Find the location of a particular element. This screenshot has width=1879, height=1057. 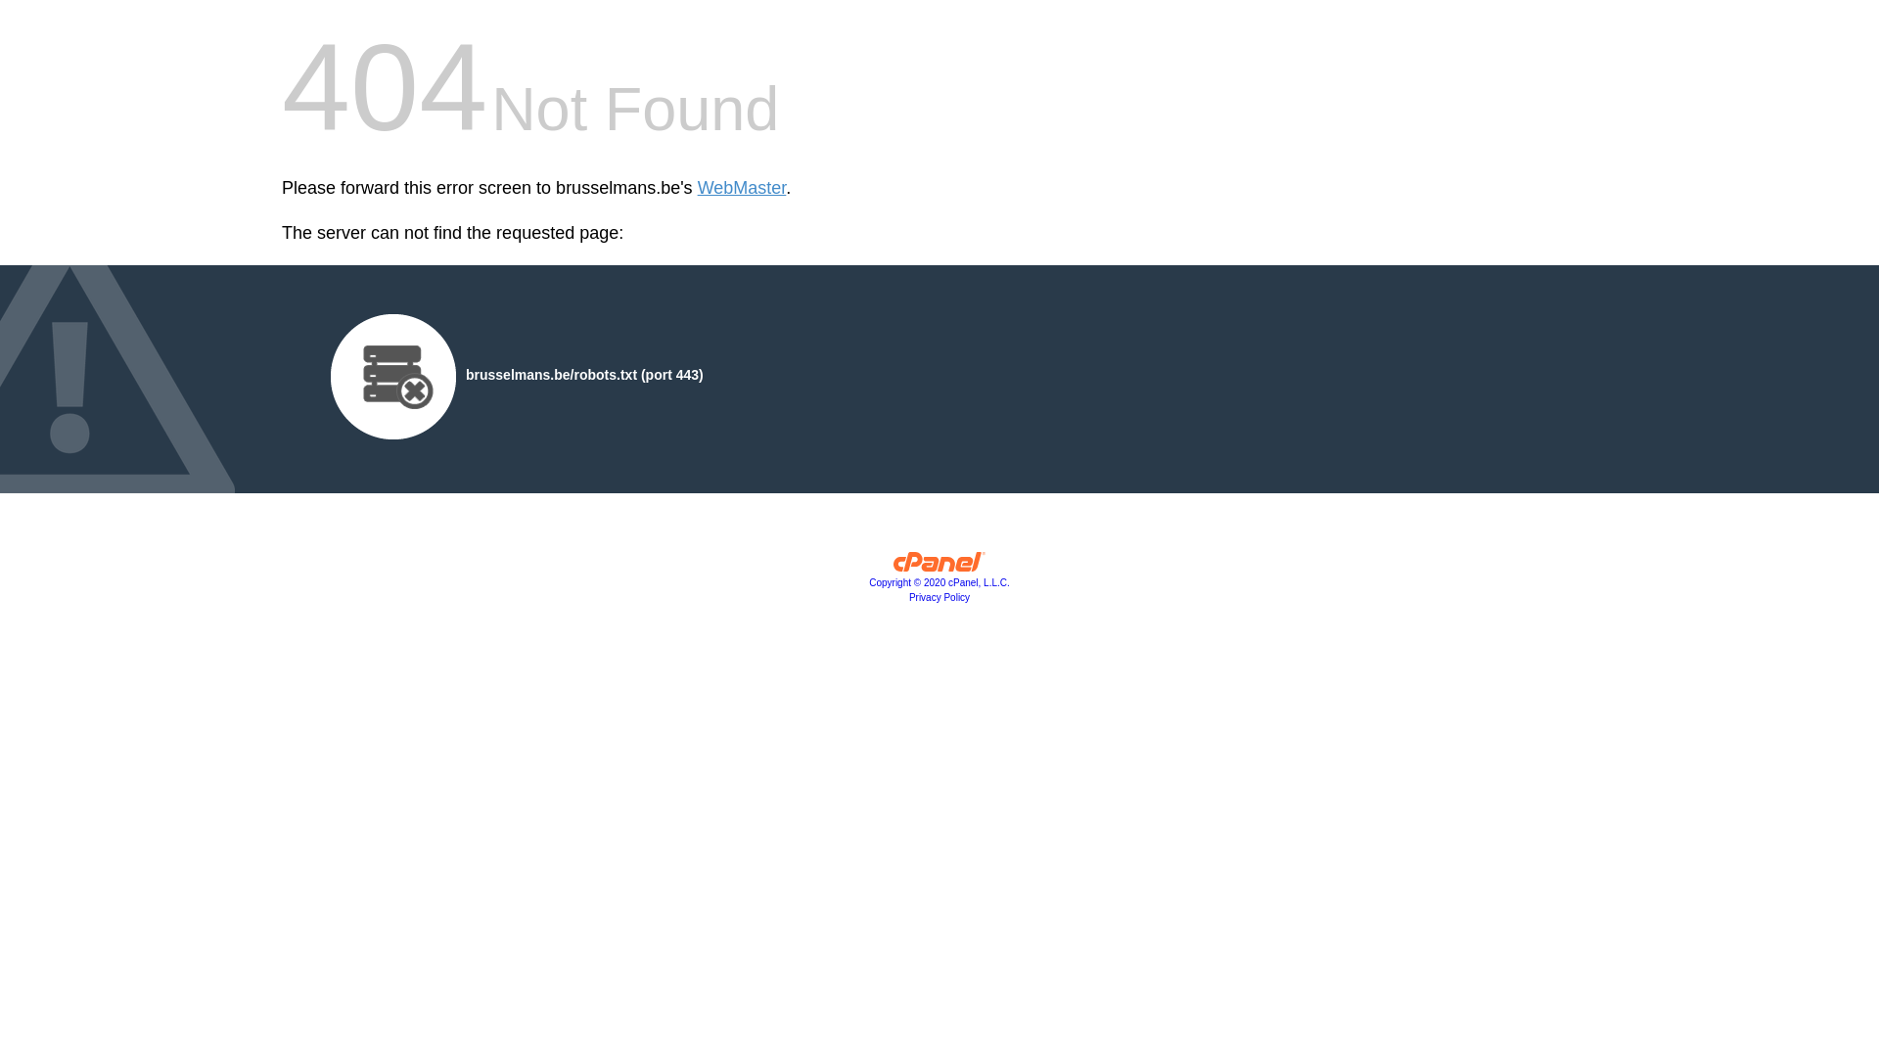

'Privacy Policy' is located at coordinates (939, 596).